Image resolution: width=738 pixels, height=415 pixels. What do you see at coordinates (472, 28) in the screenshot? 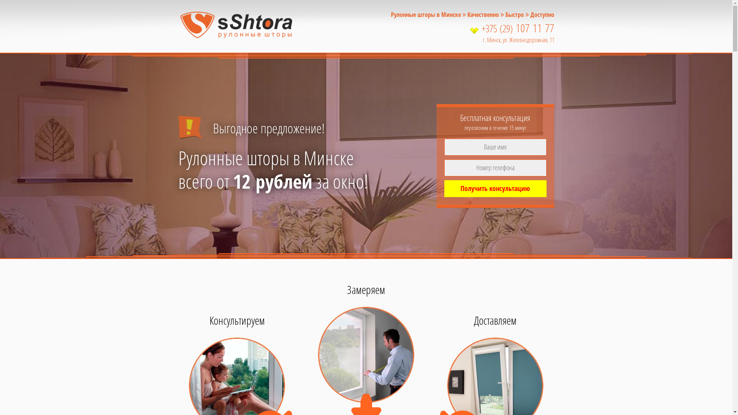
I see `'  +375 (29) 107 11 77'` at bounding box center [472, 28].